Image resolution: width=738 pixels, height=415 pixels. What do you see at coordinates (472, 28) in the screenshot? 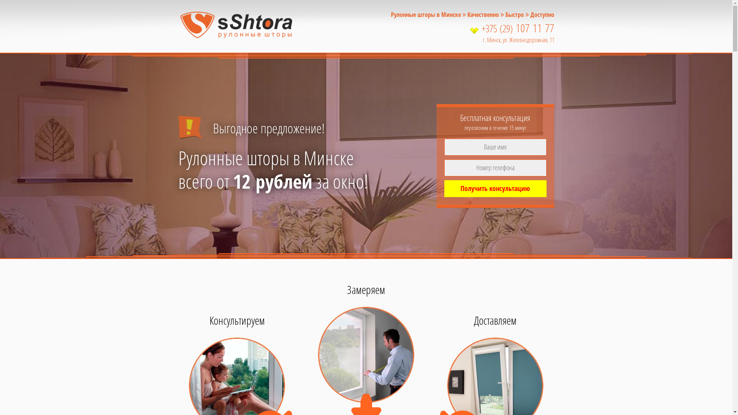
I see `'  +375 (29) 107 11 77'` at bounding box center [472, 28].